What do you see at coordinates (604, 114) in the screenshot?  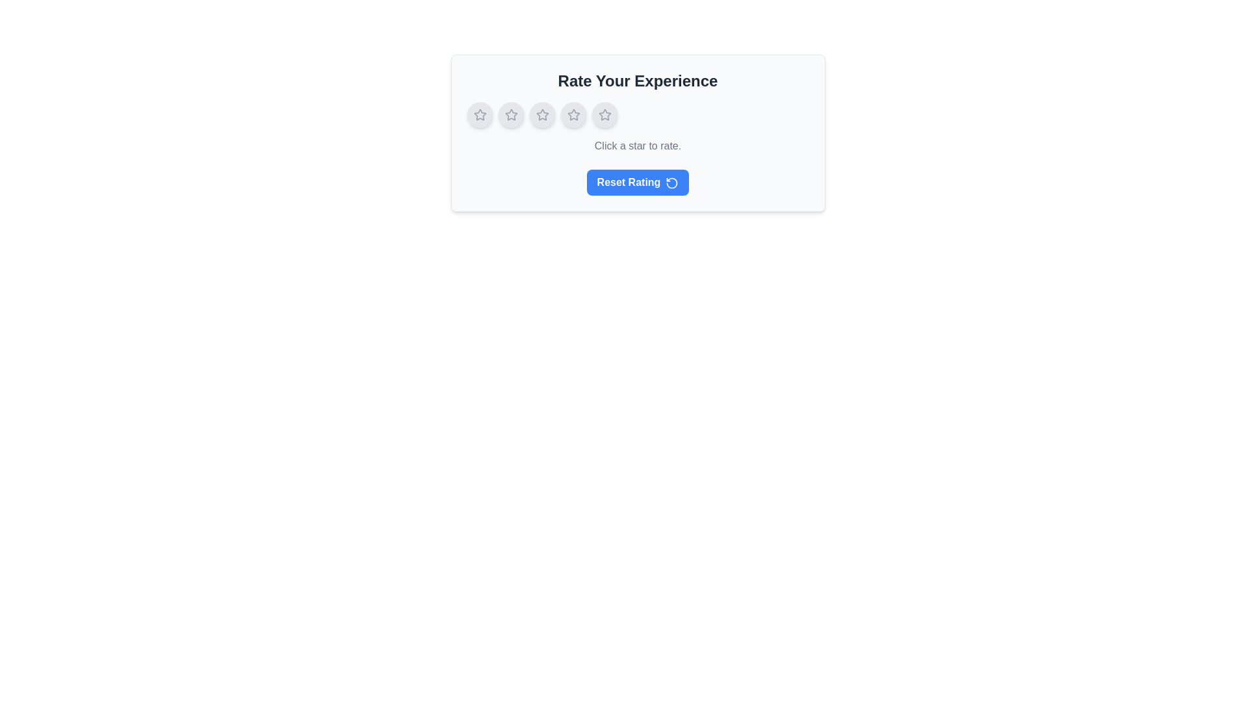 I see `the fifth circular rating star button with a light gray background and outlined star icon` at bounding box center [604, 114].